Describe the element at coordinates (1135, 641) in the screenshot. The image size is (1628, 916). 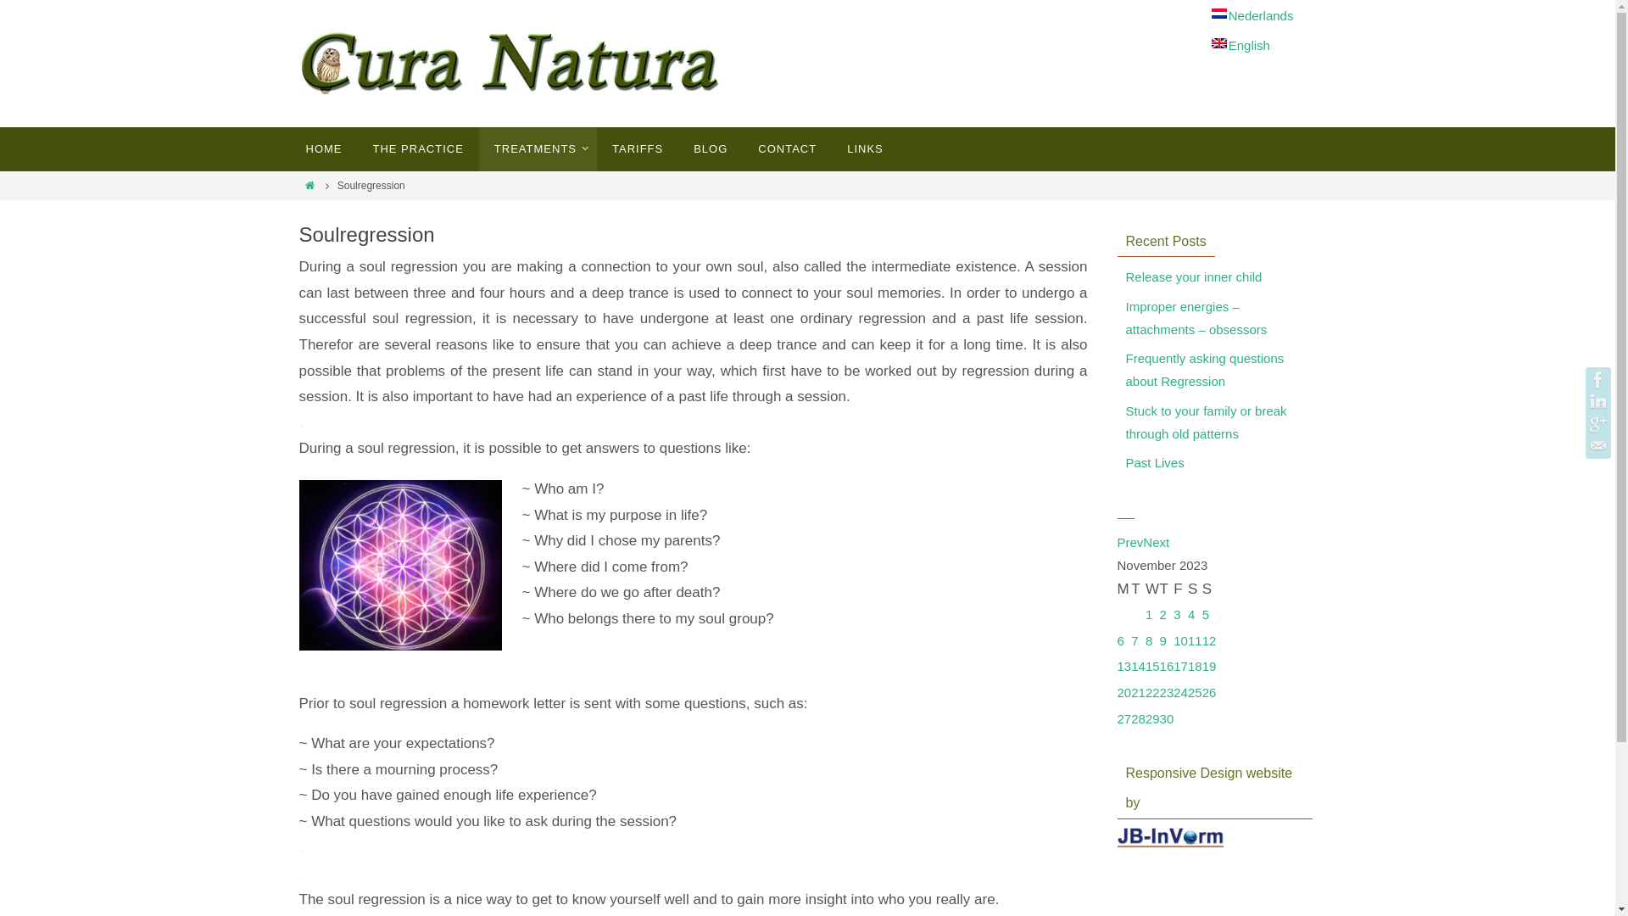
I see `'7'` at that location.